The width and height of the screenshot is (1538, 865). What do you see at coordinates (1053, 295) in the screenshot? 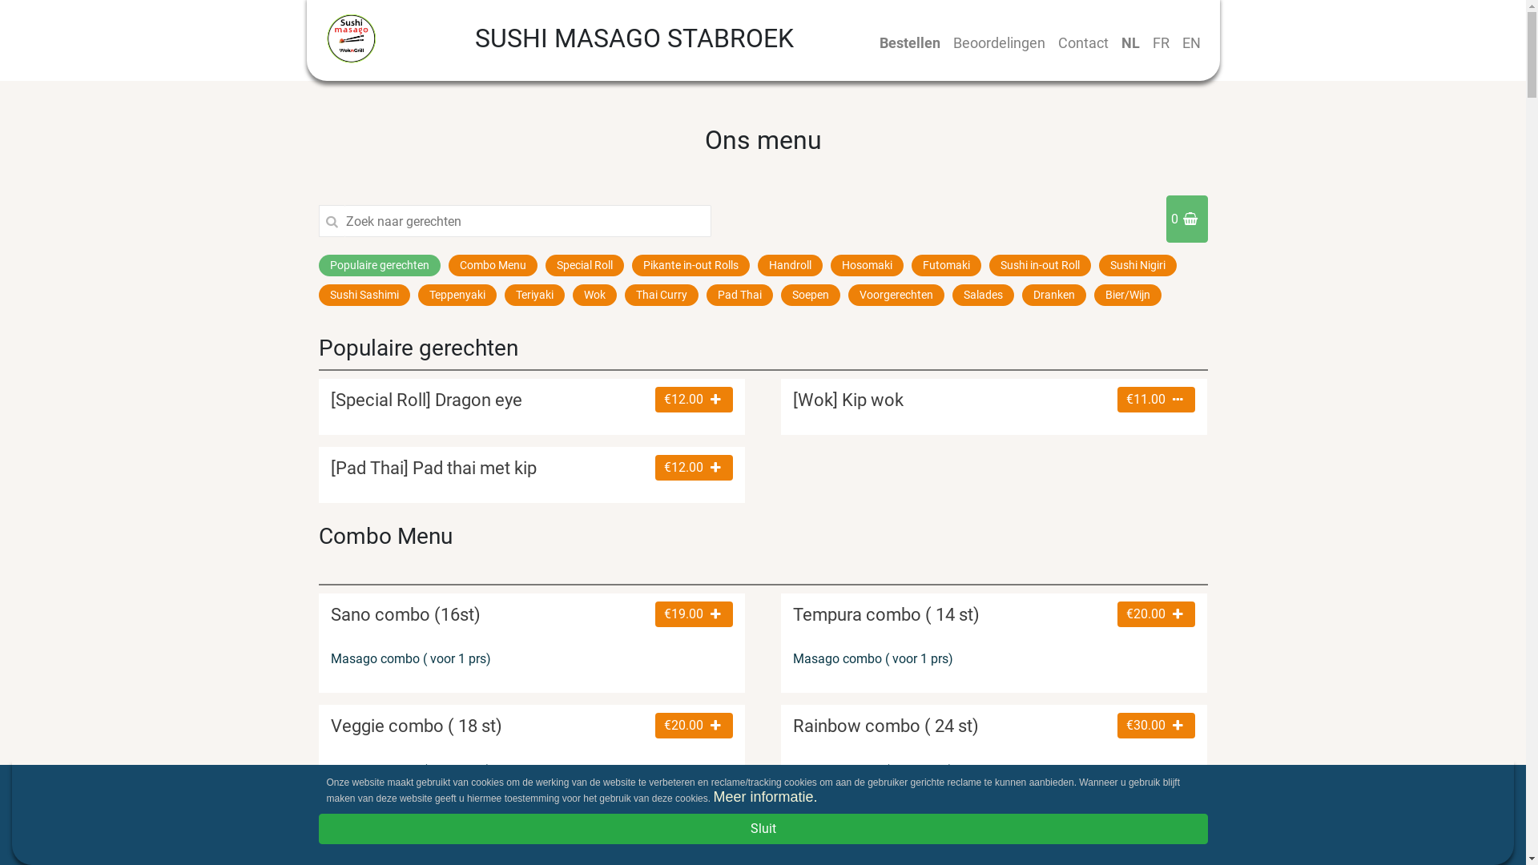
I see `'Dranken'` at bounding box center [1053, 295].